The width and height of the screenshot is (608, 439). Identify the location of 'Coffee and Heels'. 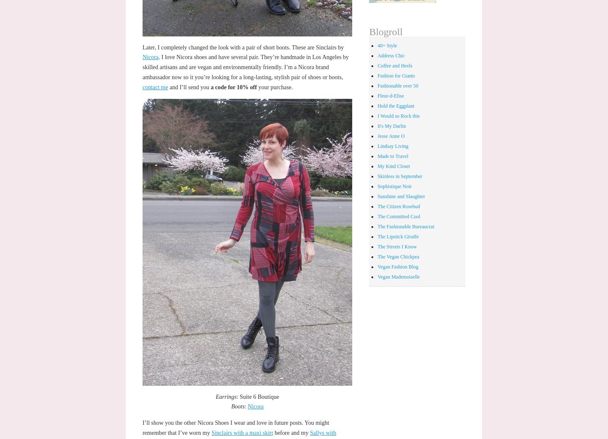
(394, 65).